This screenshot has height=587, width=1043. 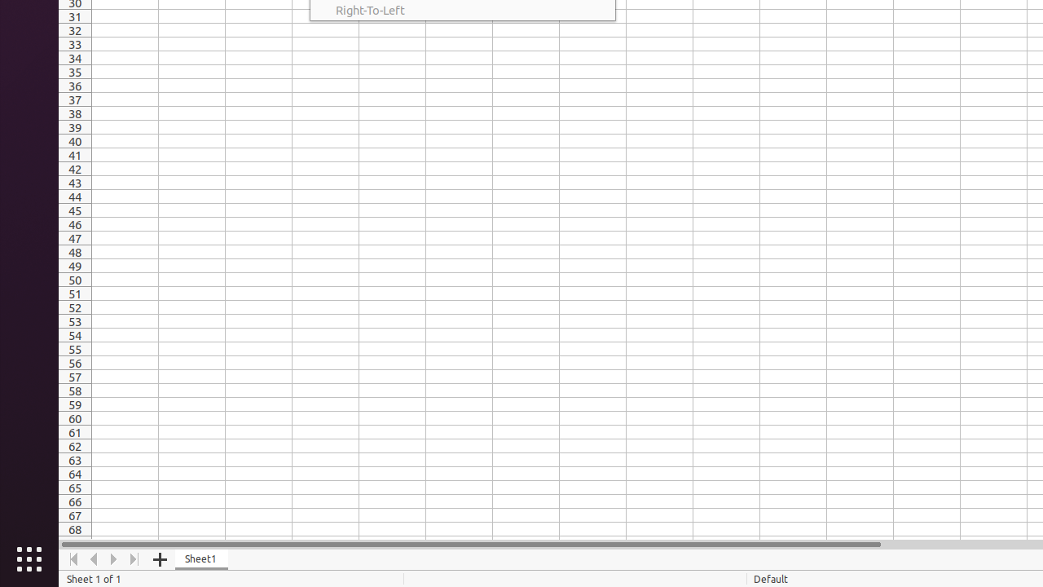 What do you see at coordinates (93, 558) in the screenshot?
I see `'Move Left'` at bounding box center [93, 558].